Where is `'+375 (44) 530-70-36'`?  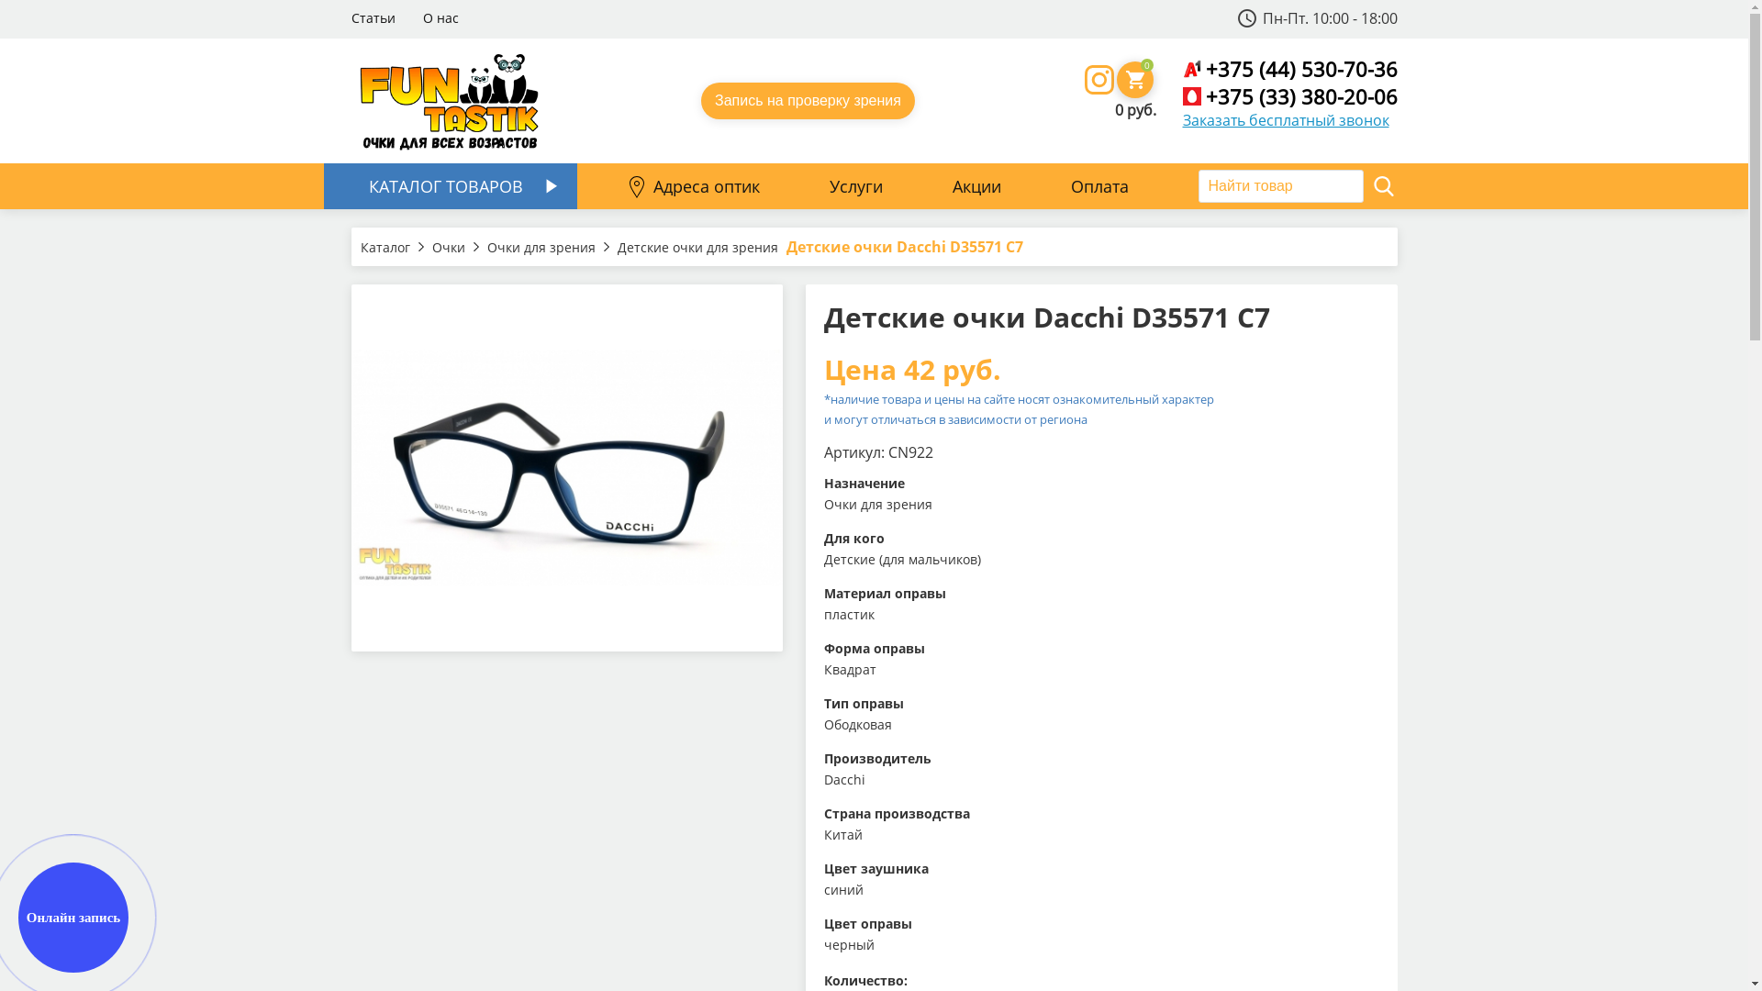
'+375 (44) 530-70-36' is located at coordinates (1300, 67).